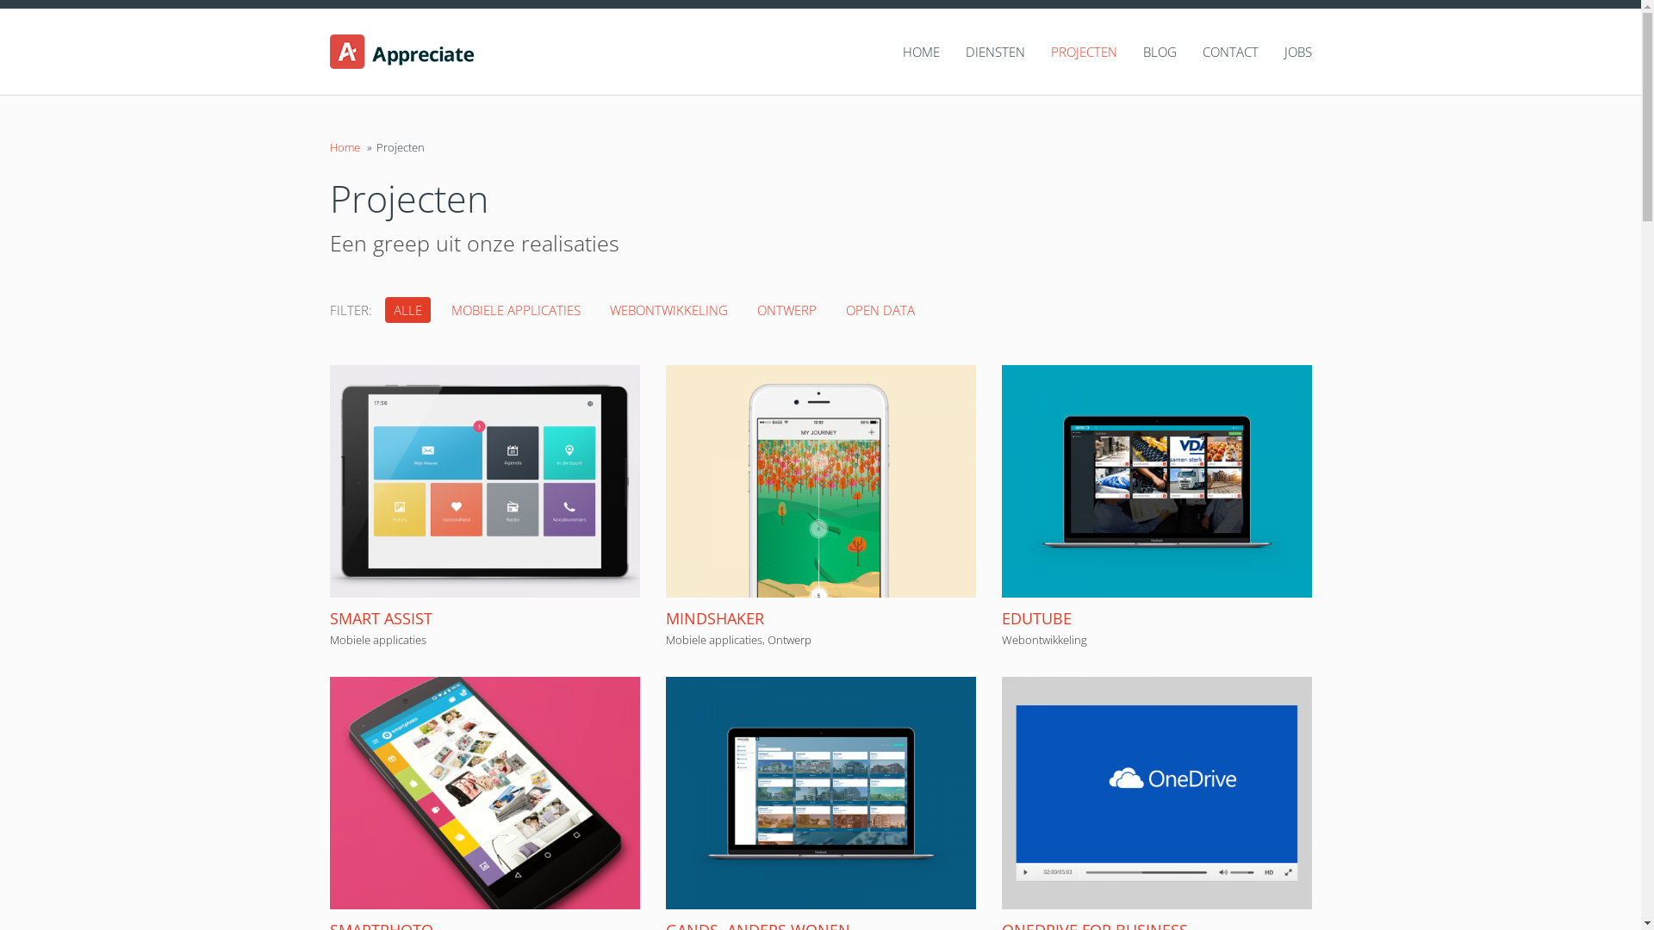 This screenshot has height=930, width=1654. I want to click on 'CONTACT', so click(1216, 51).